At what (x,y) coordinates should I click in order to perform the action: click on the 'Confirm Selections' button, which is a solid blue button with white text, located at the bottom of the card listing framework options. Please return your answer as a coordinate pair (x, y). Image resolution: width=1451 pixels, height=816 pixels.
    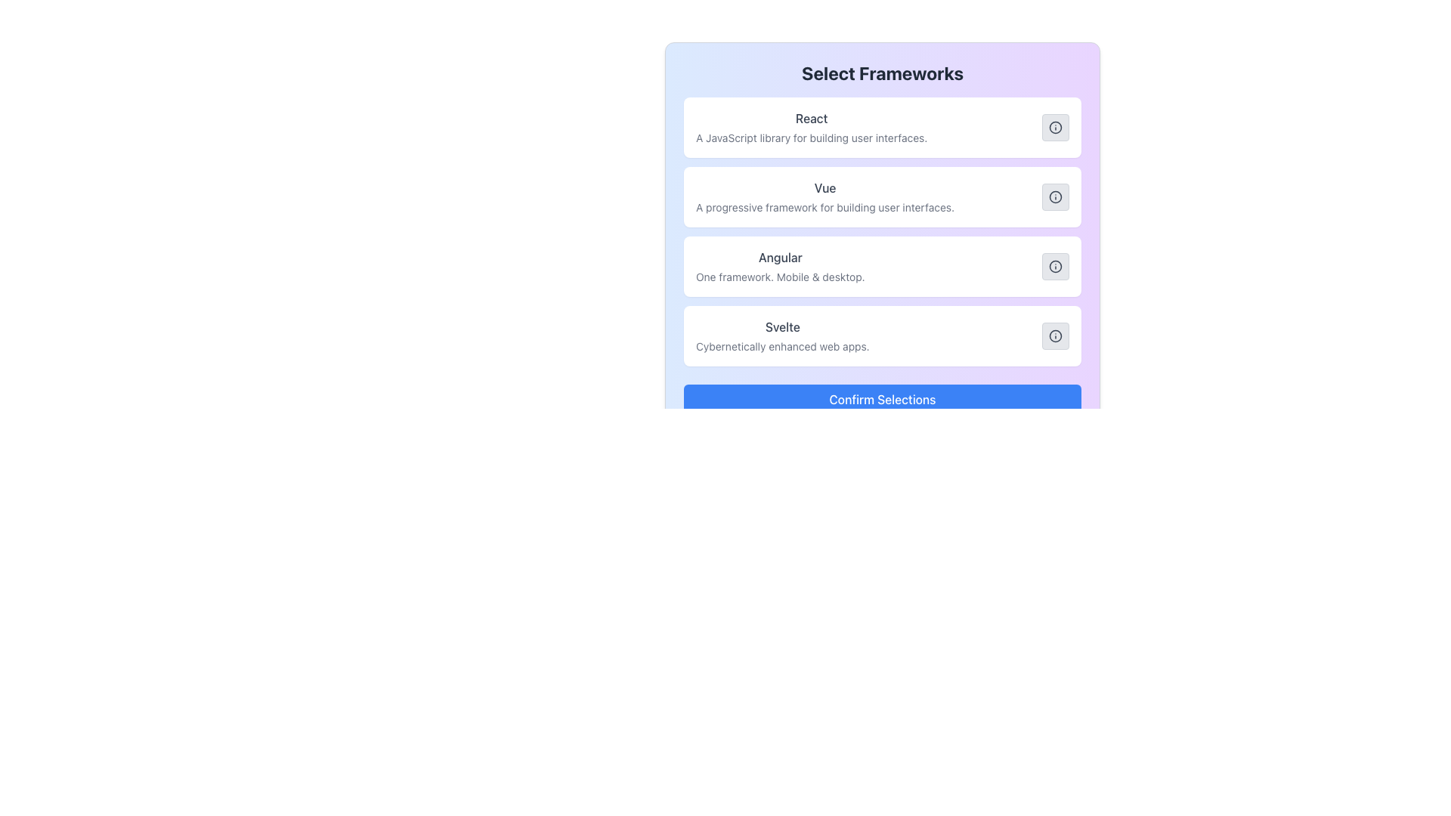
    Looking at the image, I should click on (882, 398).